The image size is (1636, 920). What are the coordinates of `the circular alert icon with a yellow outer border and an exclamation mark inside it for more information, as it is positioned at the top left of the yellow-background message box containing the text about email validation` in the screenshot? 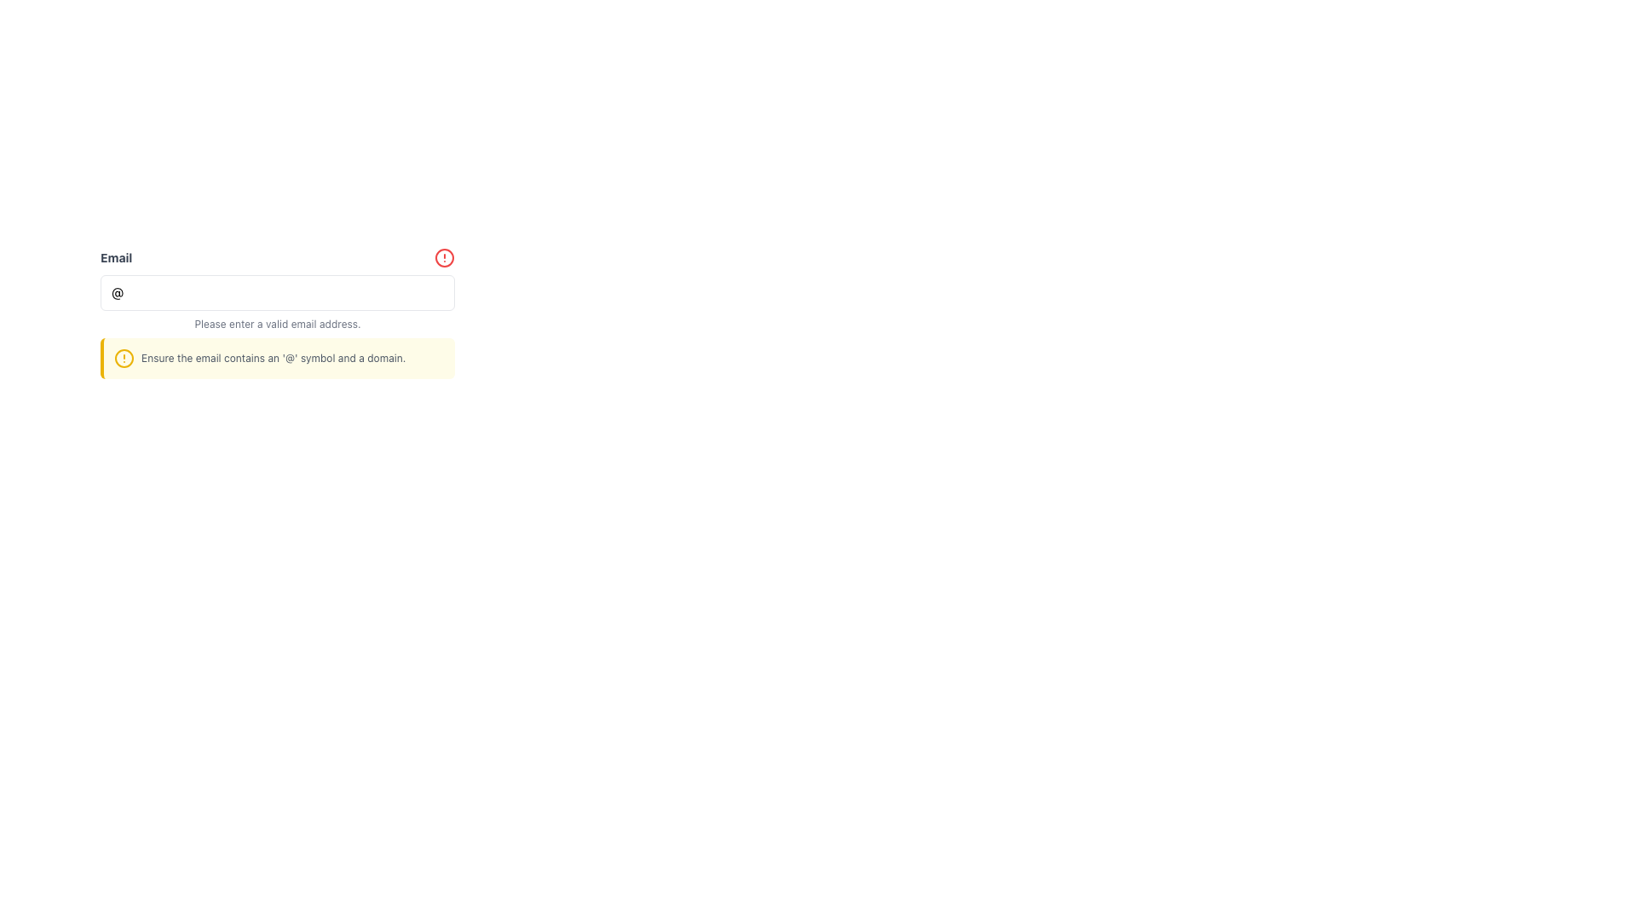 It's located at (123, 357).